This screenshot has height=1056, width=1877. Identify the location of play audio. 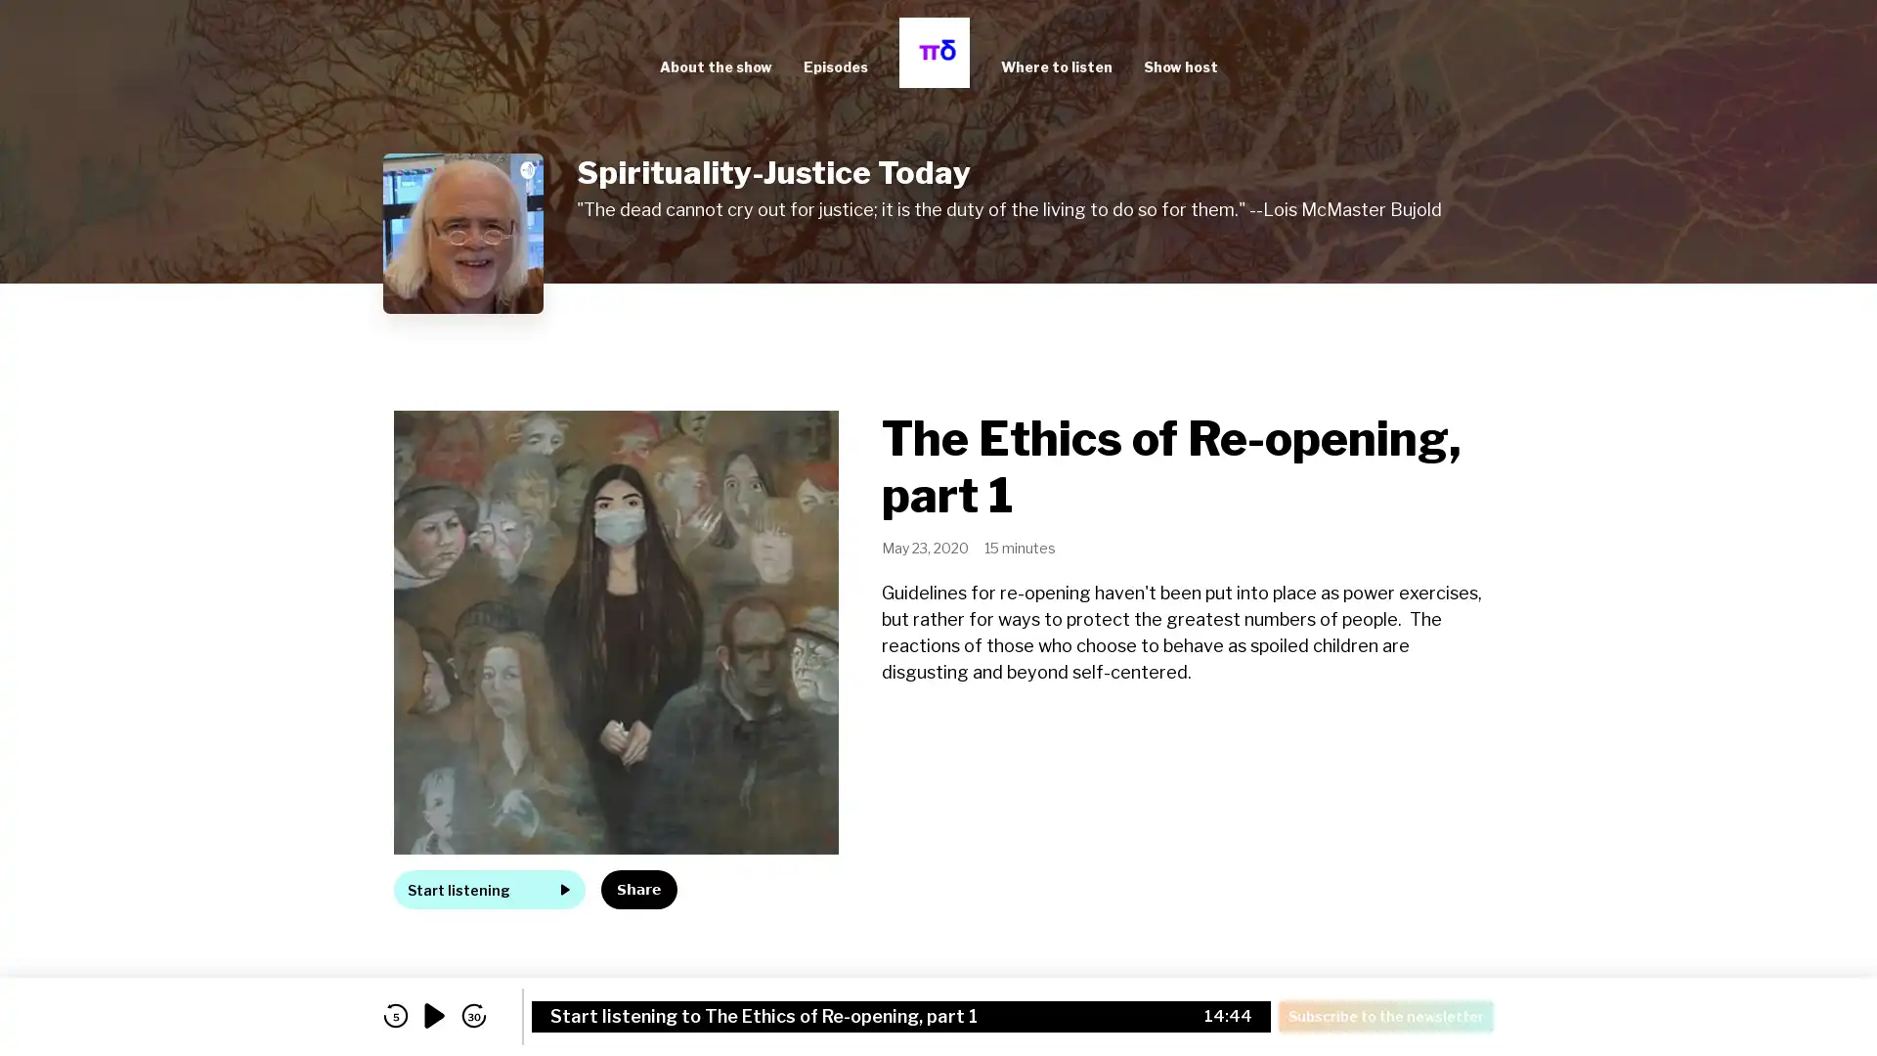
(434, 1015).